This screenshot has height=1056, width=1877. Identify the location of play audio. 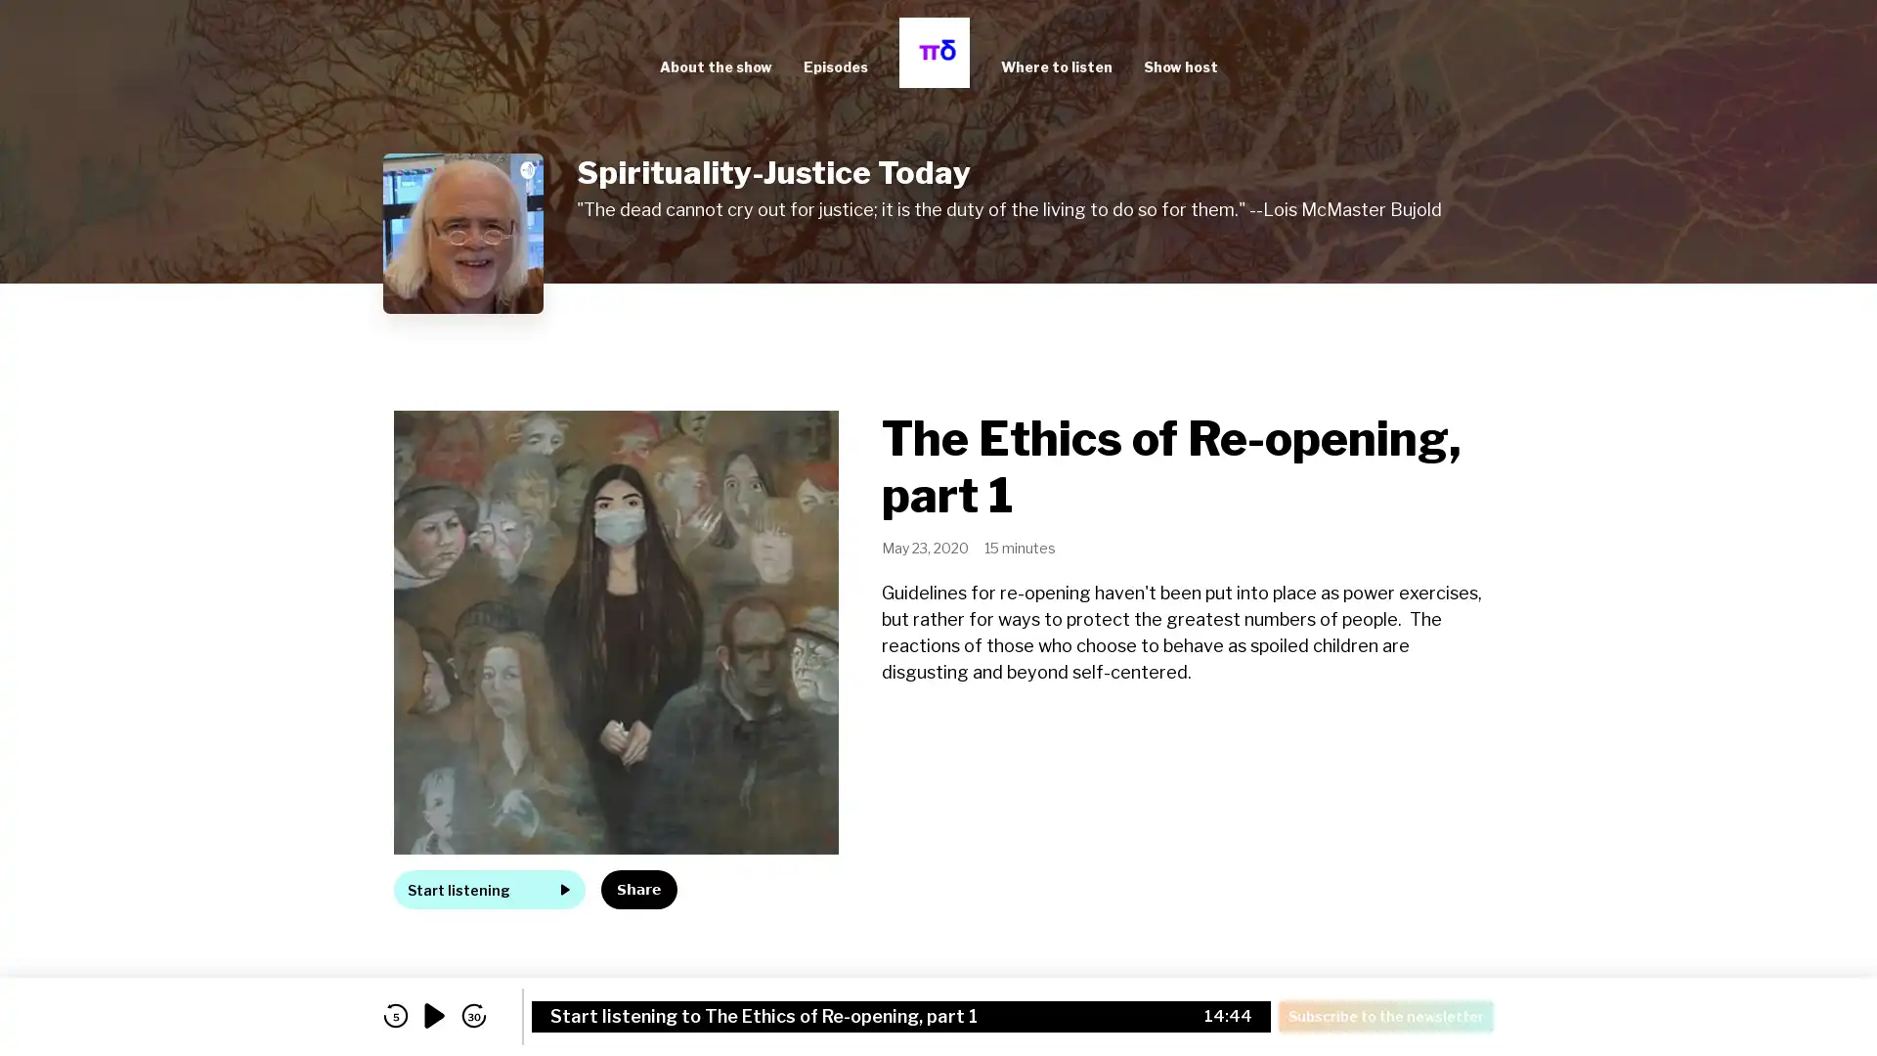
(434, 1015).